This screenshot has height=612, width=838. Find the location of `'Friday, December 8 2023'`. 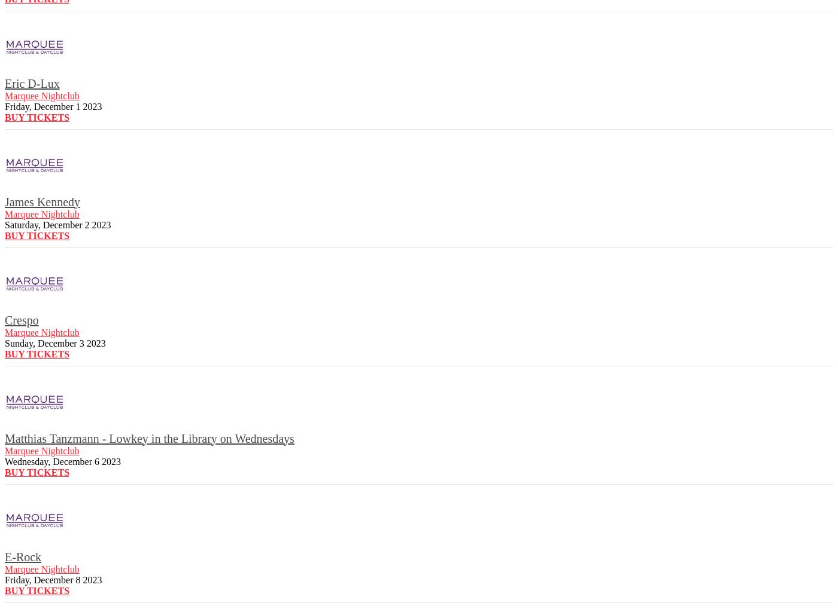

'Friday, December 8 2023' is located at coordinates (53, 579).